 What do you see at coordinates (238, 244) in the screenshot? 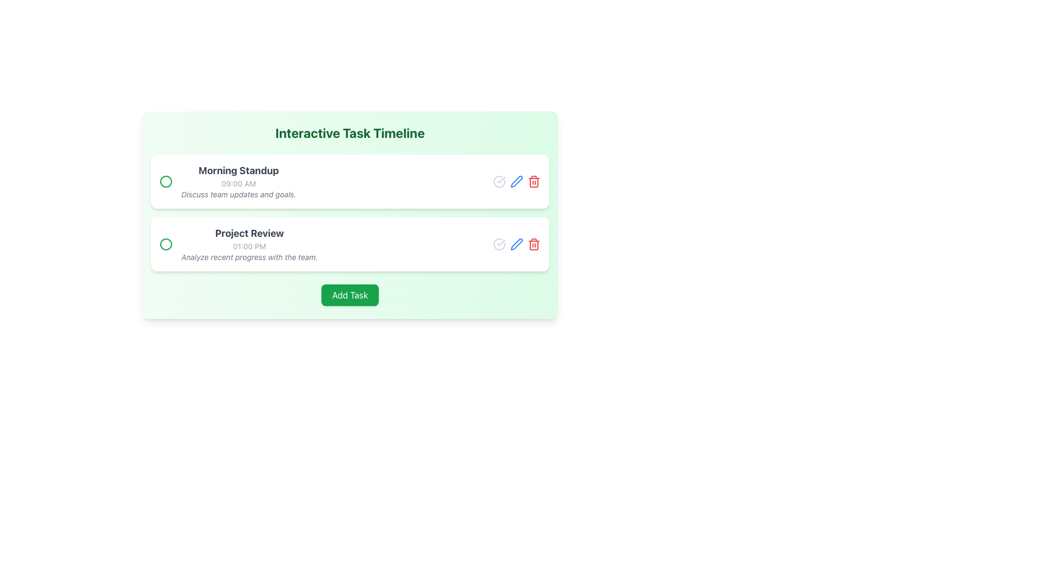
I see `the second task entry titled 'Project Review'` at bounding box center [238, 244].